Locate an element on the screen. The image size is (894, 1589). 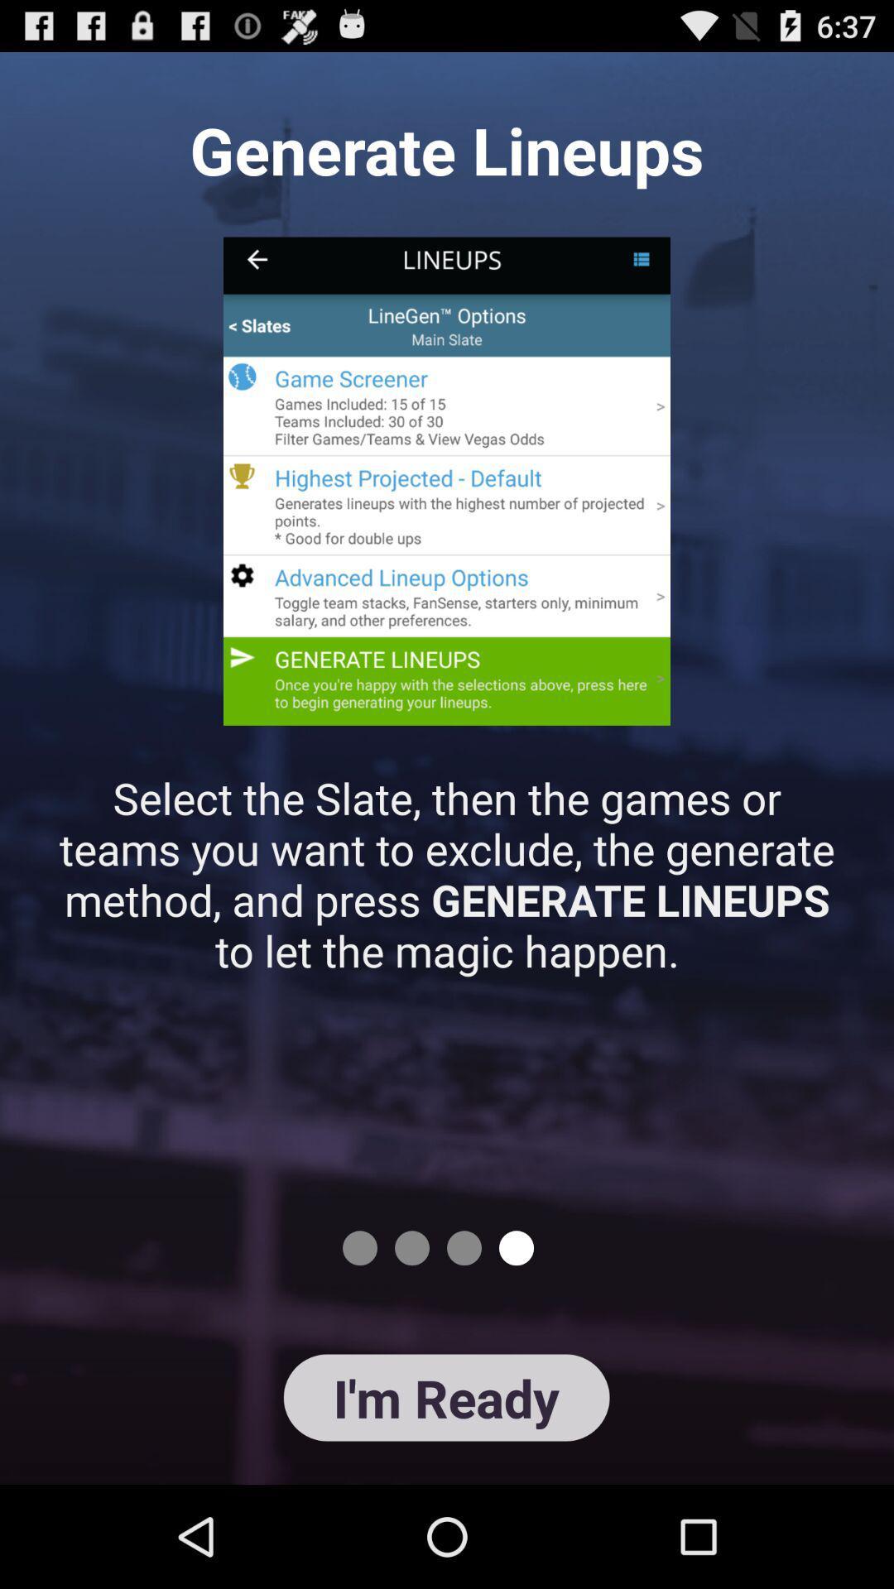
i'm ready is located at coordinates (445, 1397).